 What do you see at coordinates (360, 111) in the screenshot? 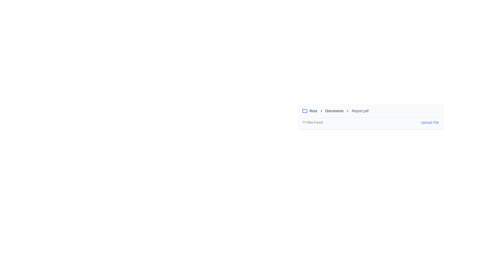
I see `the text label representing the file name in the breadcrumb navigation sequence` at bounding box center [360, 111].